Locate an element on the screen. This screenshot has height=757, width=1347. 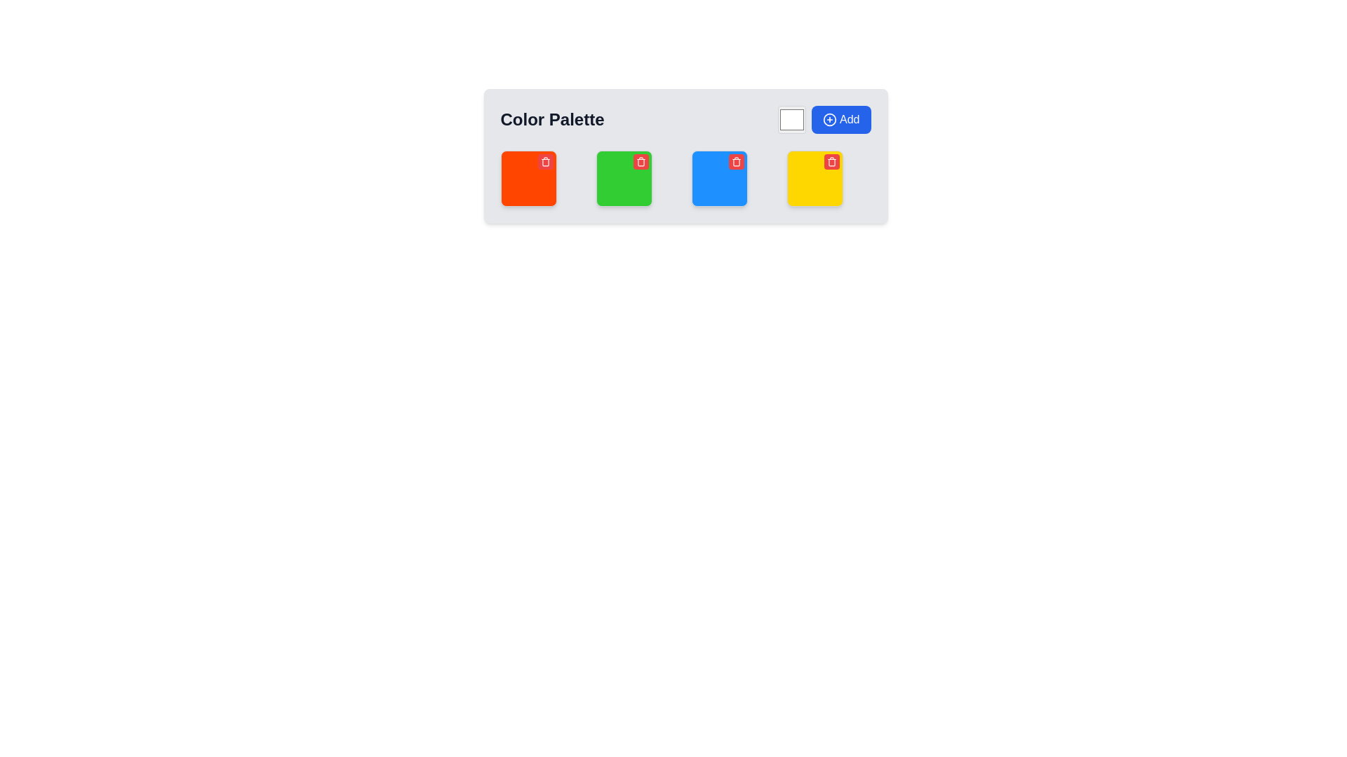
the red color swatch in the Color Palette grid is located at coordinates (528, 177).